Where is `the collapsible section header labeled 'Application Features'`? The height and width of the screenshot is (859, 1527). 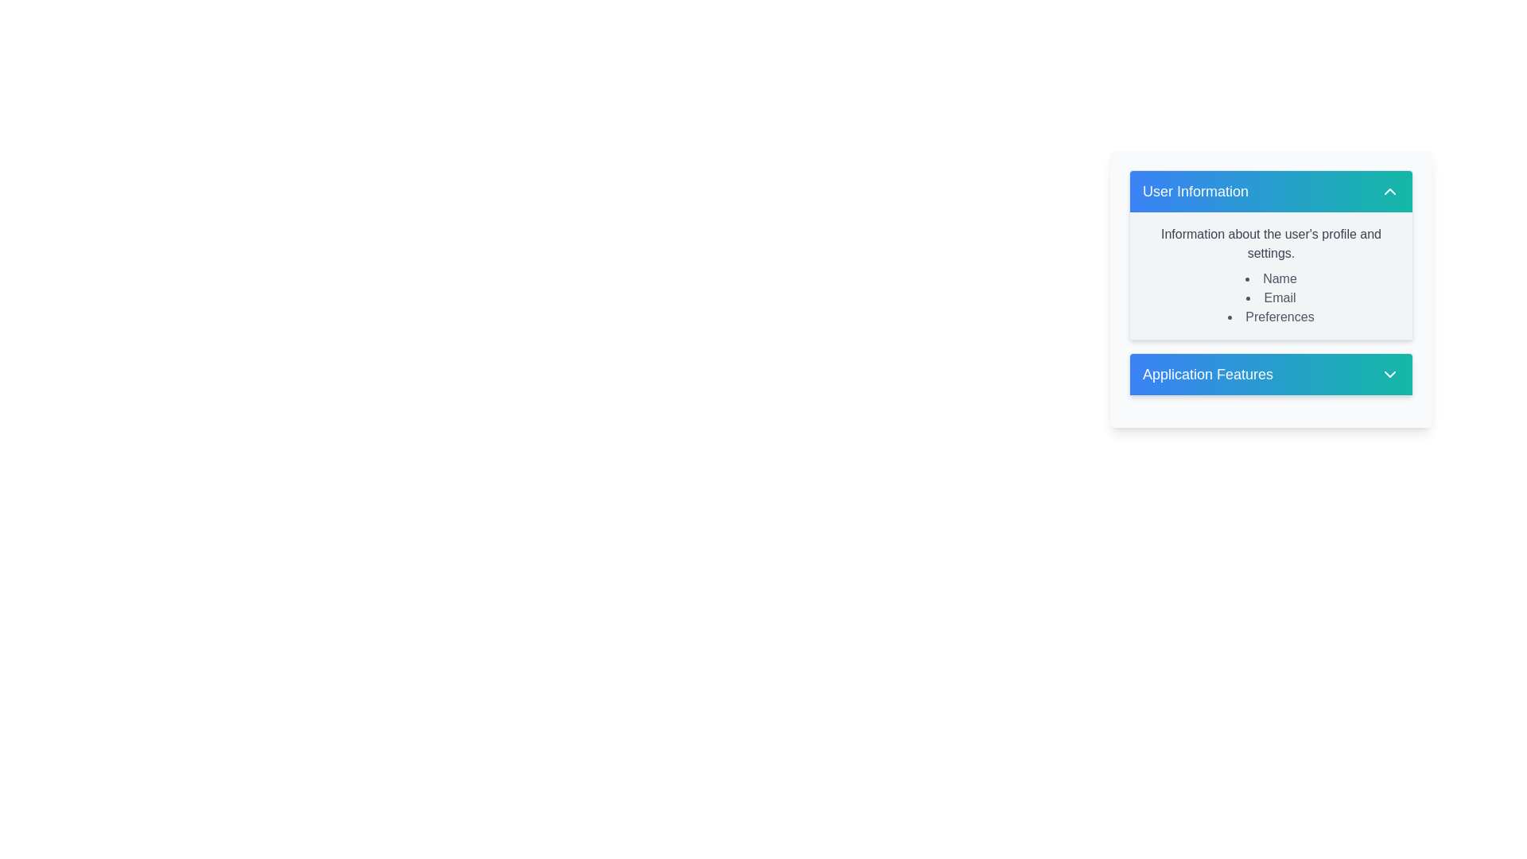
the collapsible section header labeled 'Application Features' is located at coordinates (1270, 374).